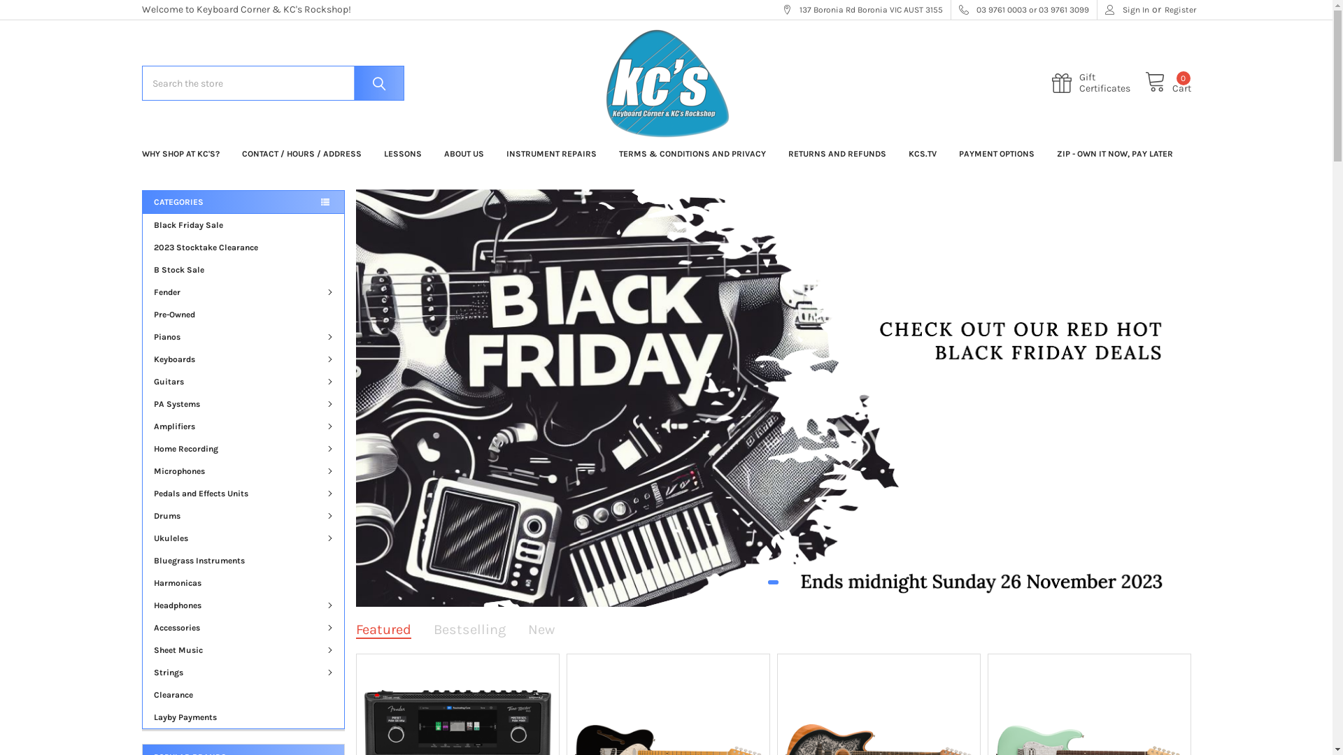 The height and width of the screenshot is (755, 1343). What do you see at coordinates (243, 627) in the screenshot?
I see `'Accessories'` at bounding box center [243, 627].